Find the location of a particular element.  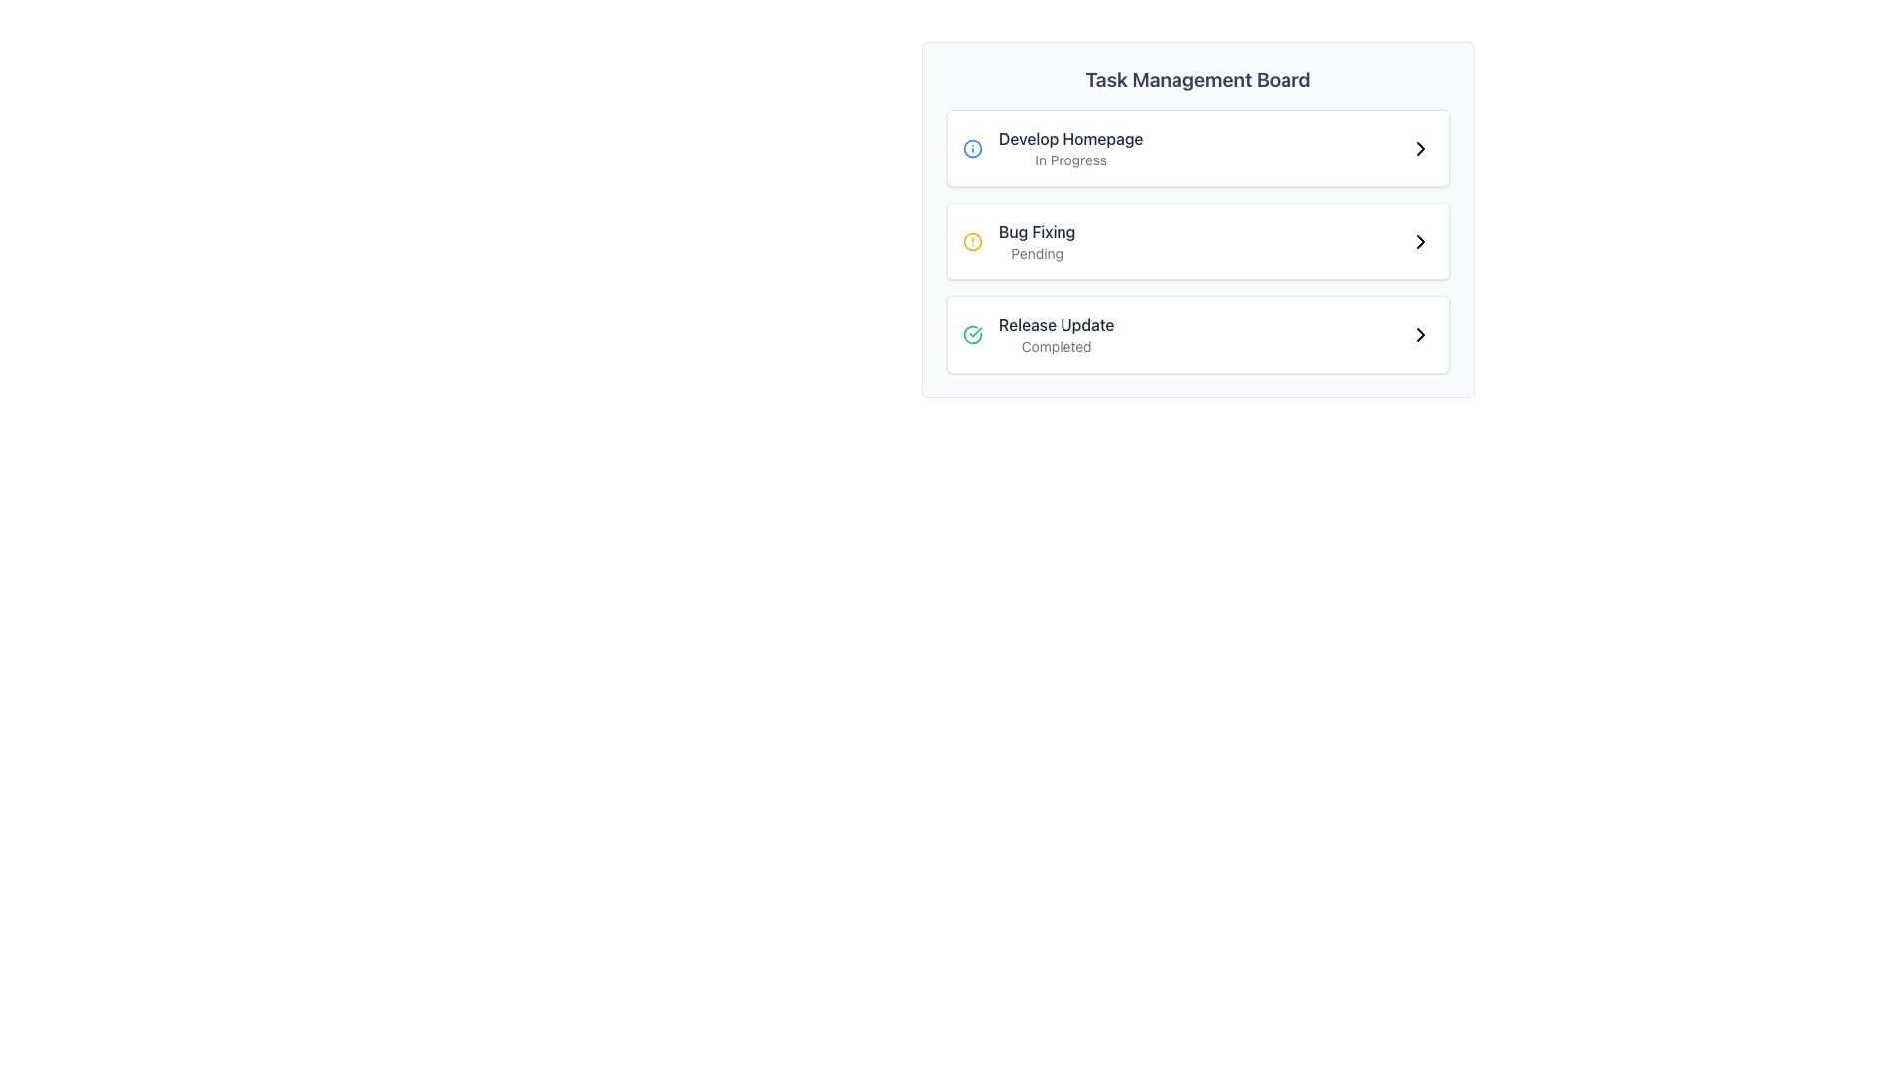

the task labeled 'Bug Fixing' in the horizontal list item is located at coordinates (1197, 240).